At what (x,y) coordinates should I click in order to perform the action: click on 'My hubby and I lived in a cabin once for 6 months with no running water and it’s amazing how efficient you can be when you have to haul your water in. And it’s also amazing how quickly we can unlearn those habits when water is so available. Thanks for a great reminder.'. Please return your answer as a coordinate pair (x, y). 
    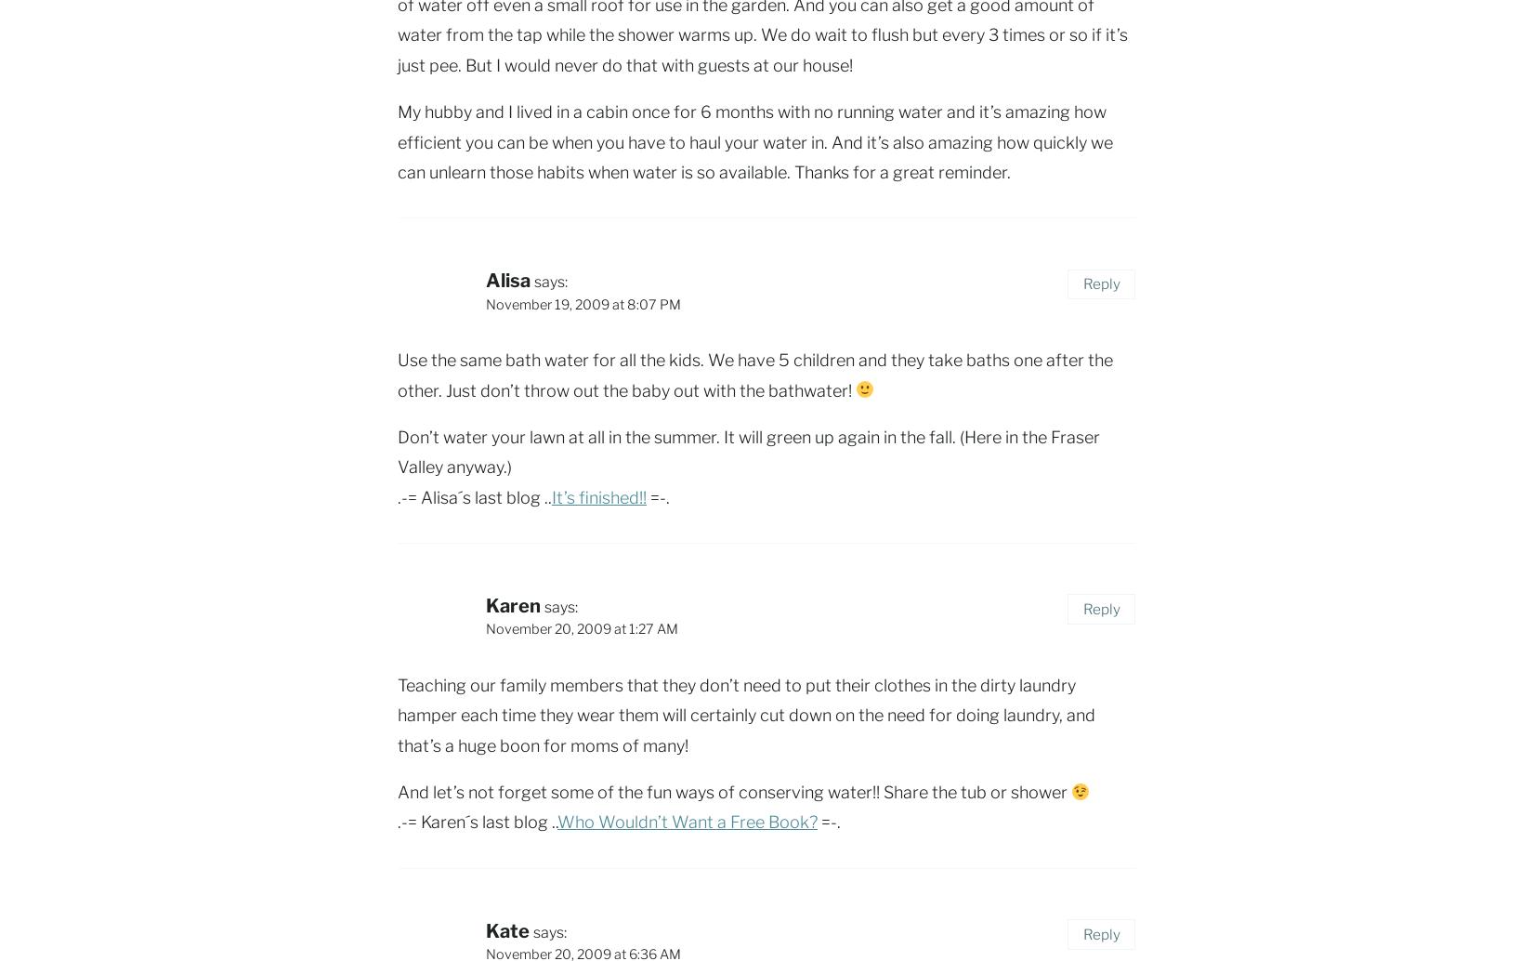
    Looking at the image, I should click on (753, 142).